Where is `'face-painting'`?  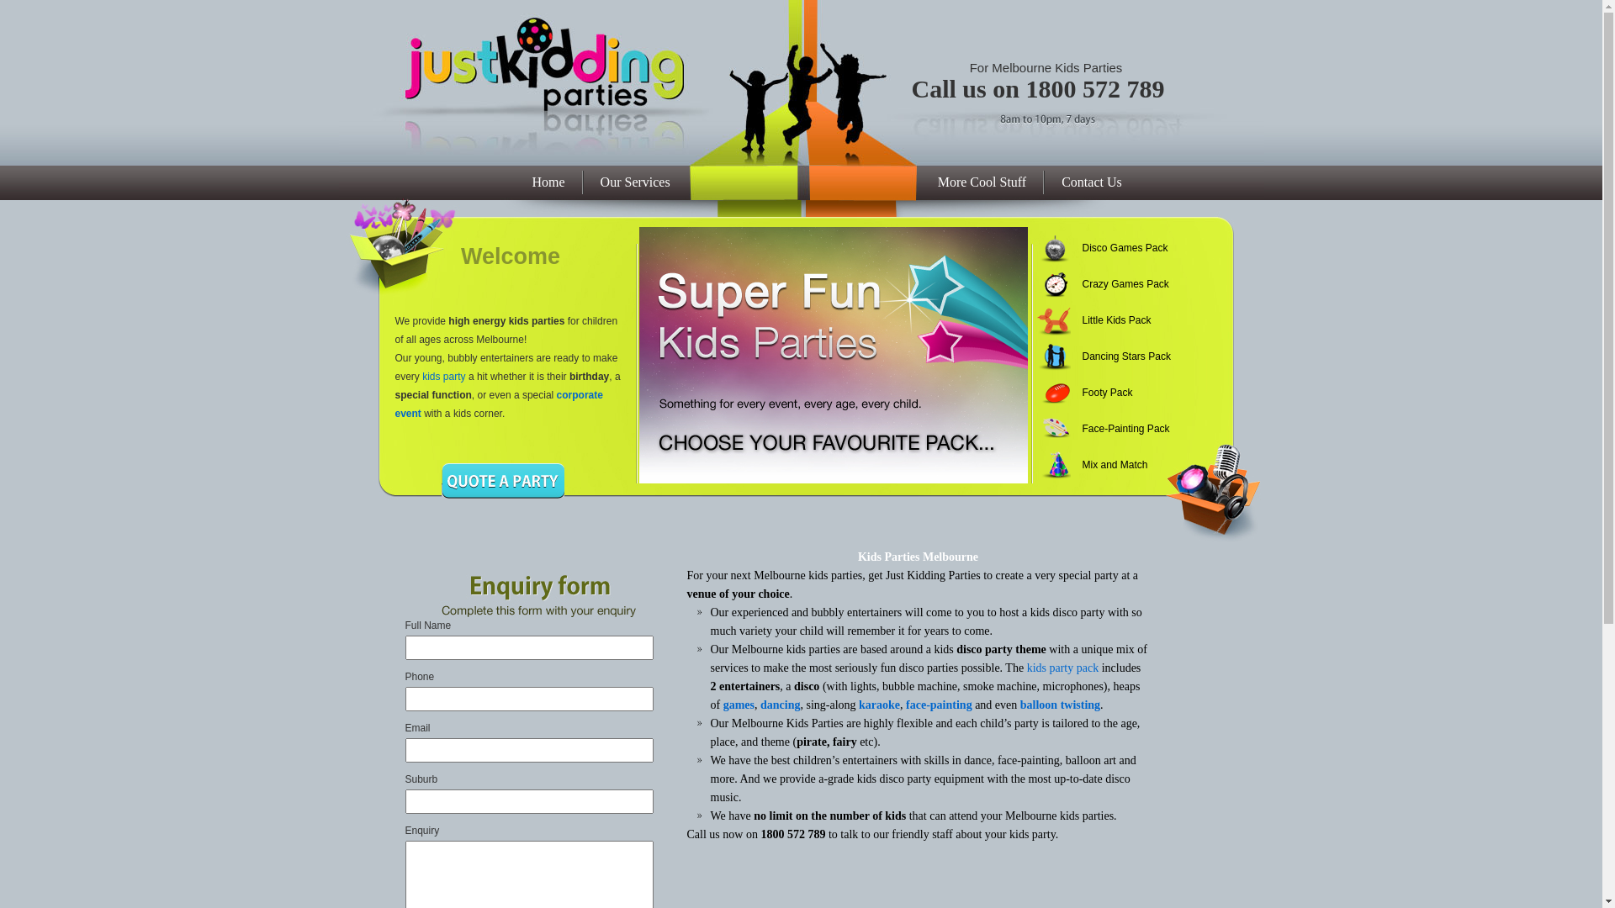 'face-painting' is located at coordinates (938, 705).